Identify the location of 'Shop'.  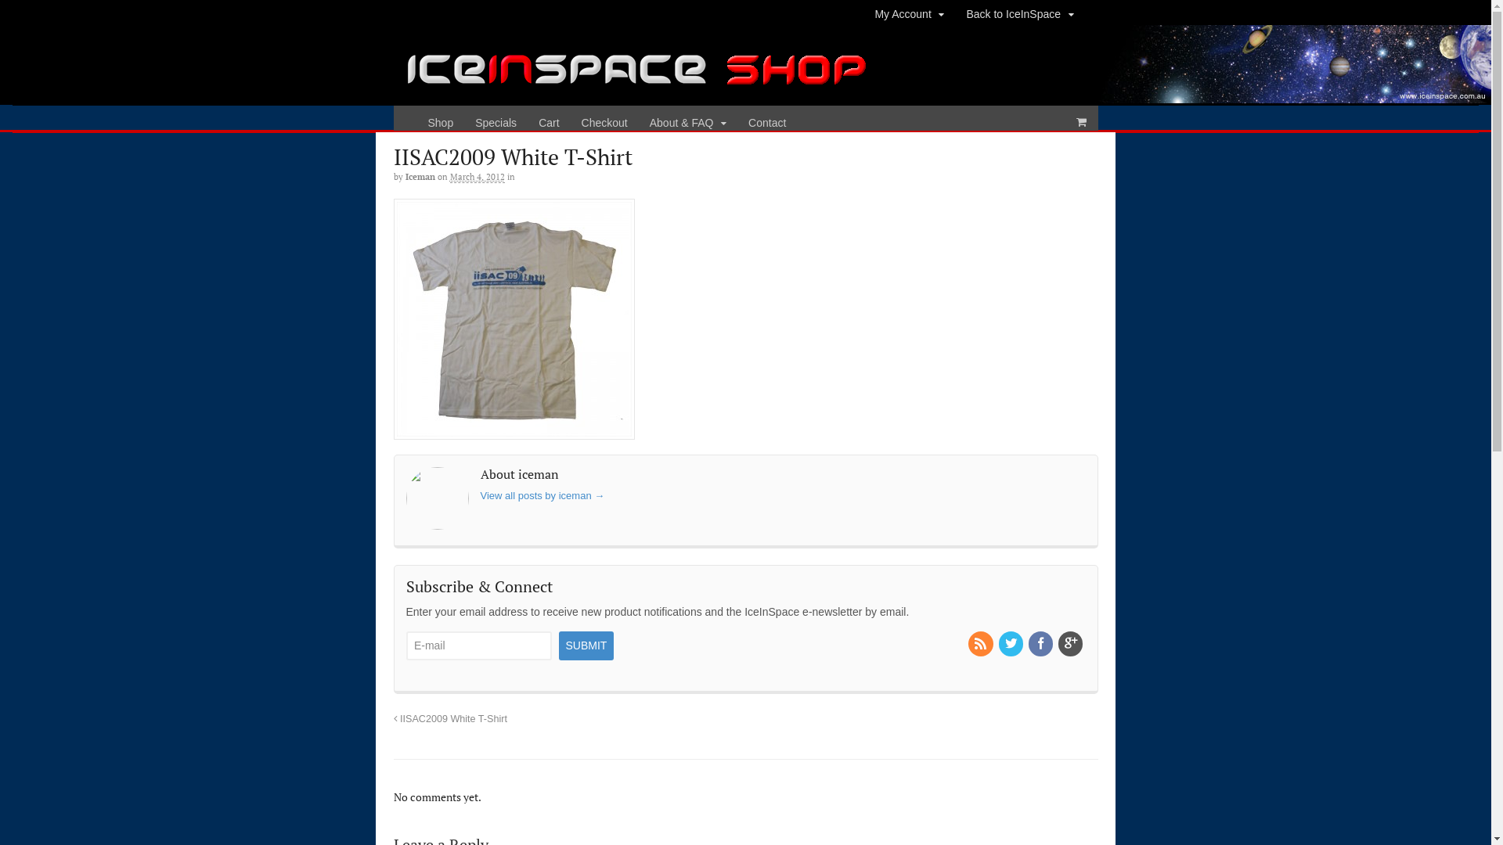
(416, 122).